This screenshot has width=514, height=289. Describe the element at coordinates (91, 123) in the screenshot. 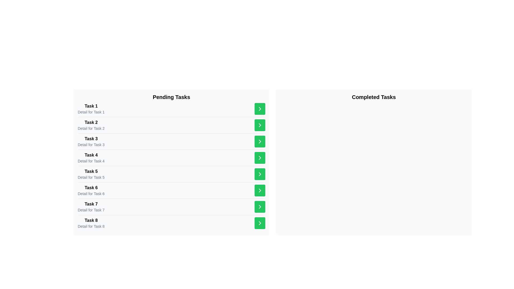

I see `the label displaying 'Task 2', which is the second item under the heading 'Pending Tasks' in the left-side section of the interface` at that location.